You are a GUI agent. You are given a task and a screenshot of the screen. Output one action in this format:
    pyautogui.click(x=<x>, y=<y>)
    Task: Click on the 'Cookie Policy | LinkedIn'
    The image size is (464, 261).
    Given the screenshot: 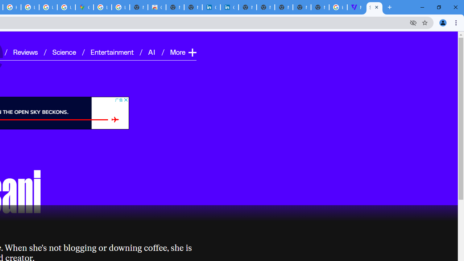 What is the action you would take?
    pyautogui.click(x=229, y=7)
    